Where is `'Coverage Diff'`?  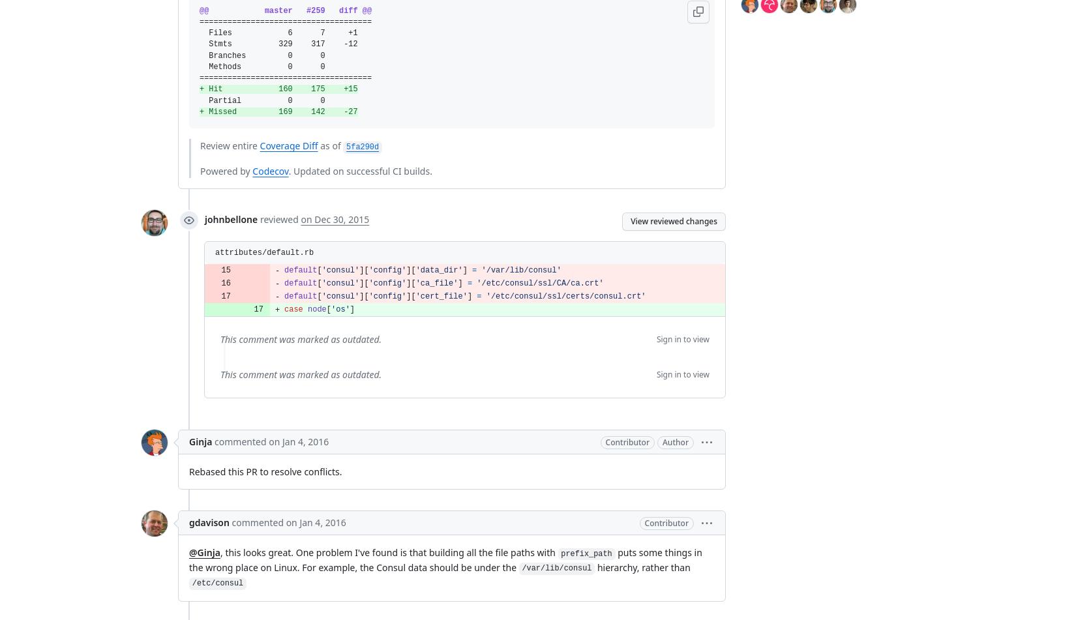 'Coverage Diff' is located at coordinates (259, 145).